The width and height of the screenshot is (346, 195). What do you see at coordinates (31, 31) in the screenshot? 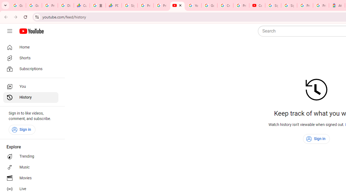
I see `'YouTube Home'` at bounding box center [31, 31].